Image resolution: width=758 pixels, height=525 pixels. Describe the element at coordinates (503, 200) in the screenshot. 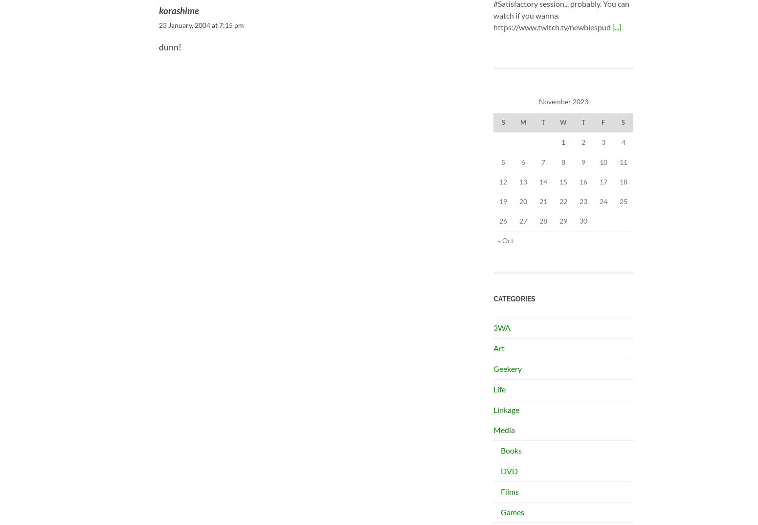

I see `'19'` at that location.